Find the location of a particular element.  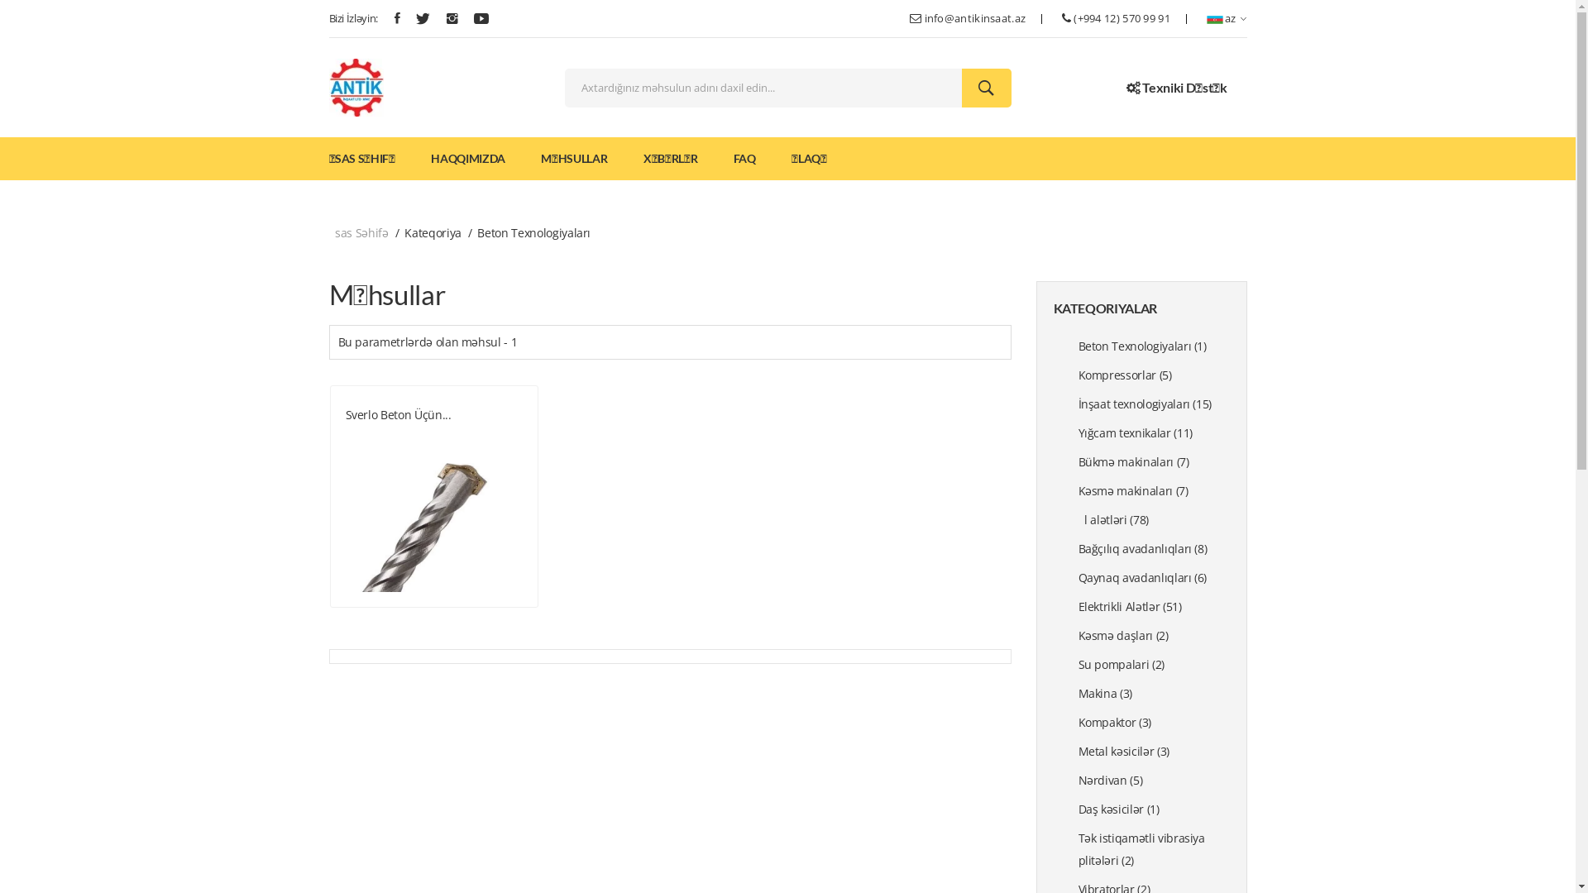

'FAQ' is located at coordinates (717, 159).